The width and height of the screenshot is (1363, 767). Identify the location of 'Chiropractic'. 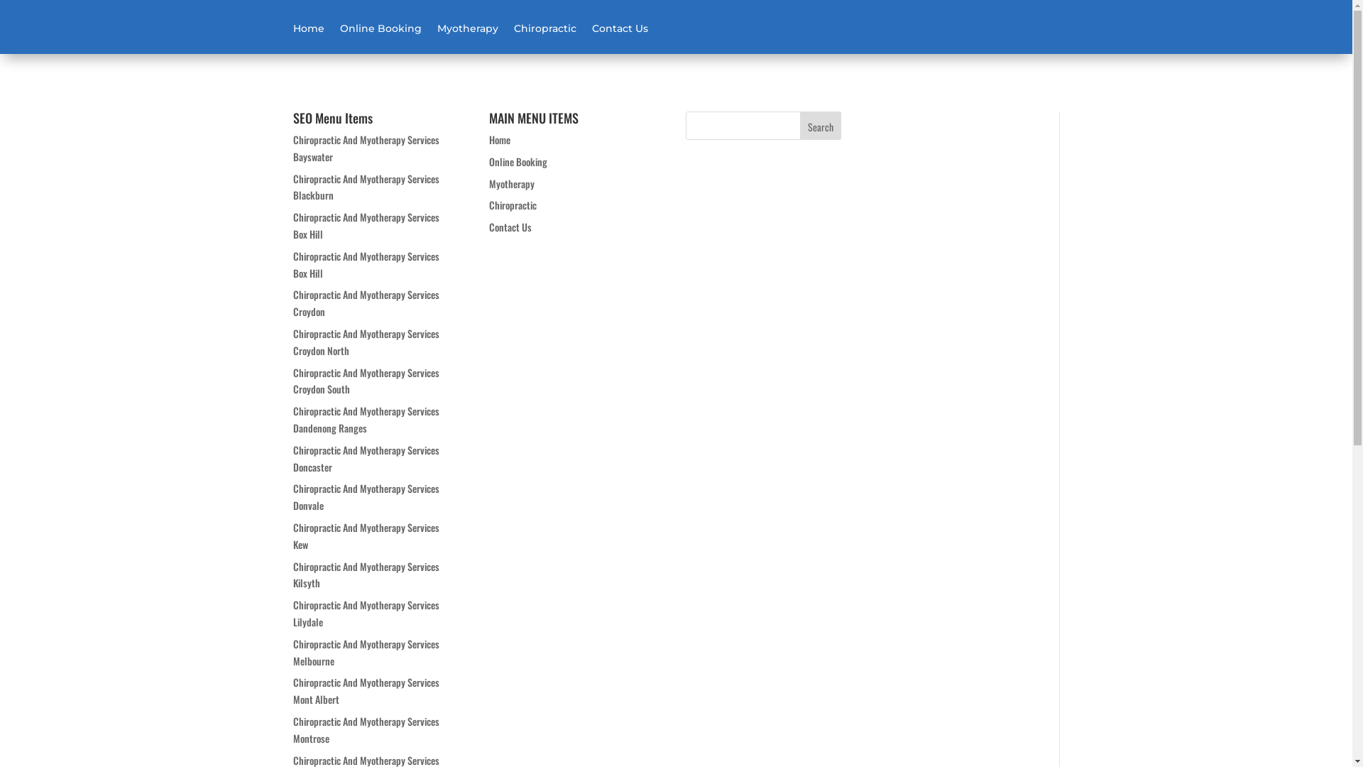
(512, 205).